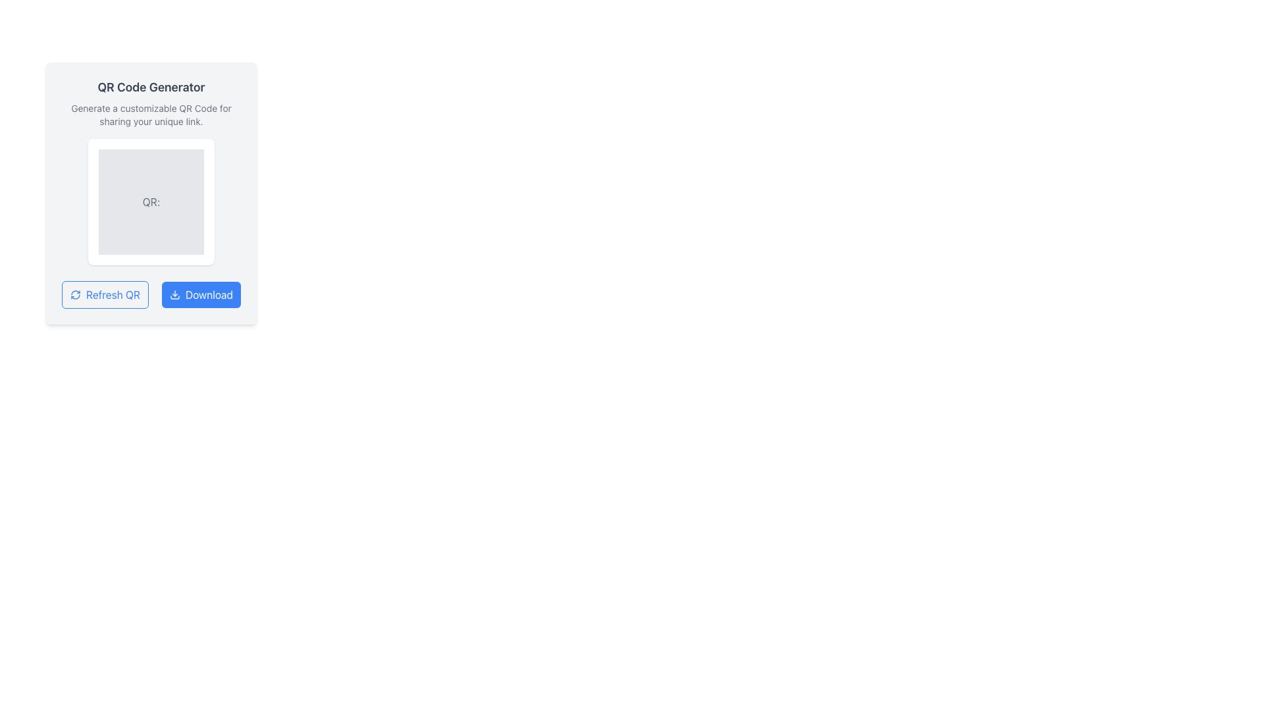  What do you see at coordinates (151, 202) in the screenshot?
I see `the content of the text label within the QR Code Generator card, which indicates where a QR code will be displayed` at bounding box center [151, 202].